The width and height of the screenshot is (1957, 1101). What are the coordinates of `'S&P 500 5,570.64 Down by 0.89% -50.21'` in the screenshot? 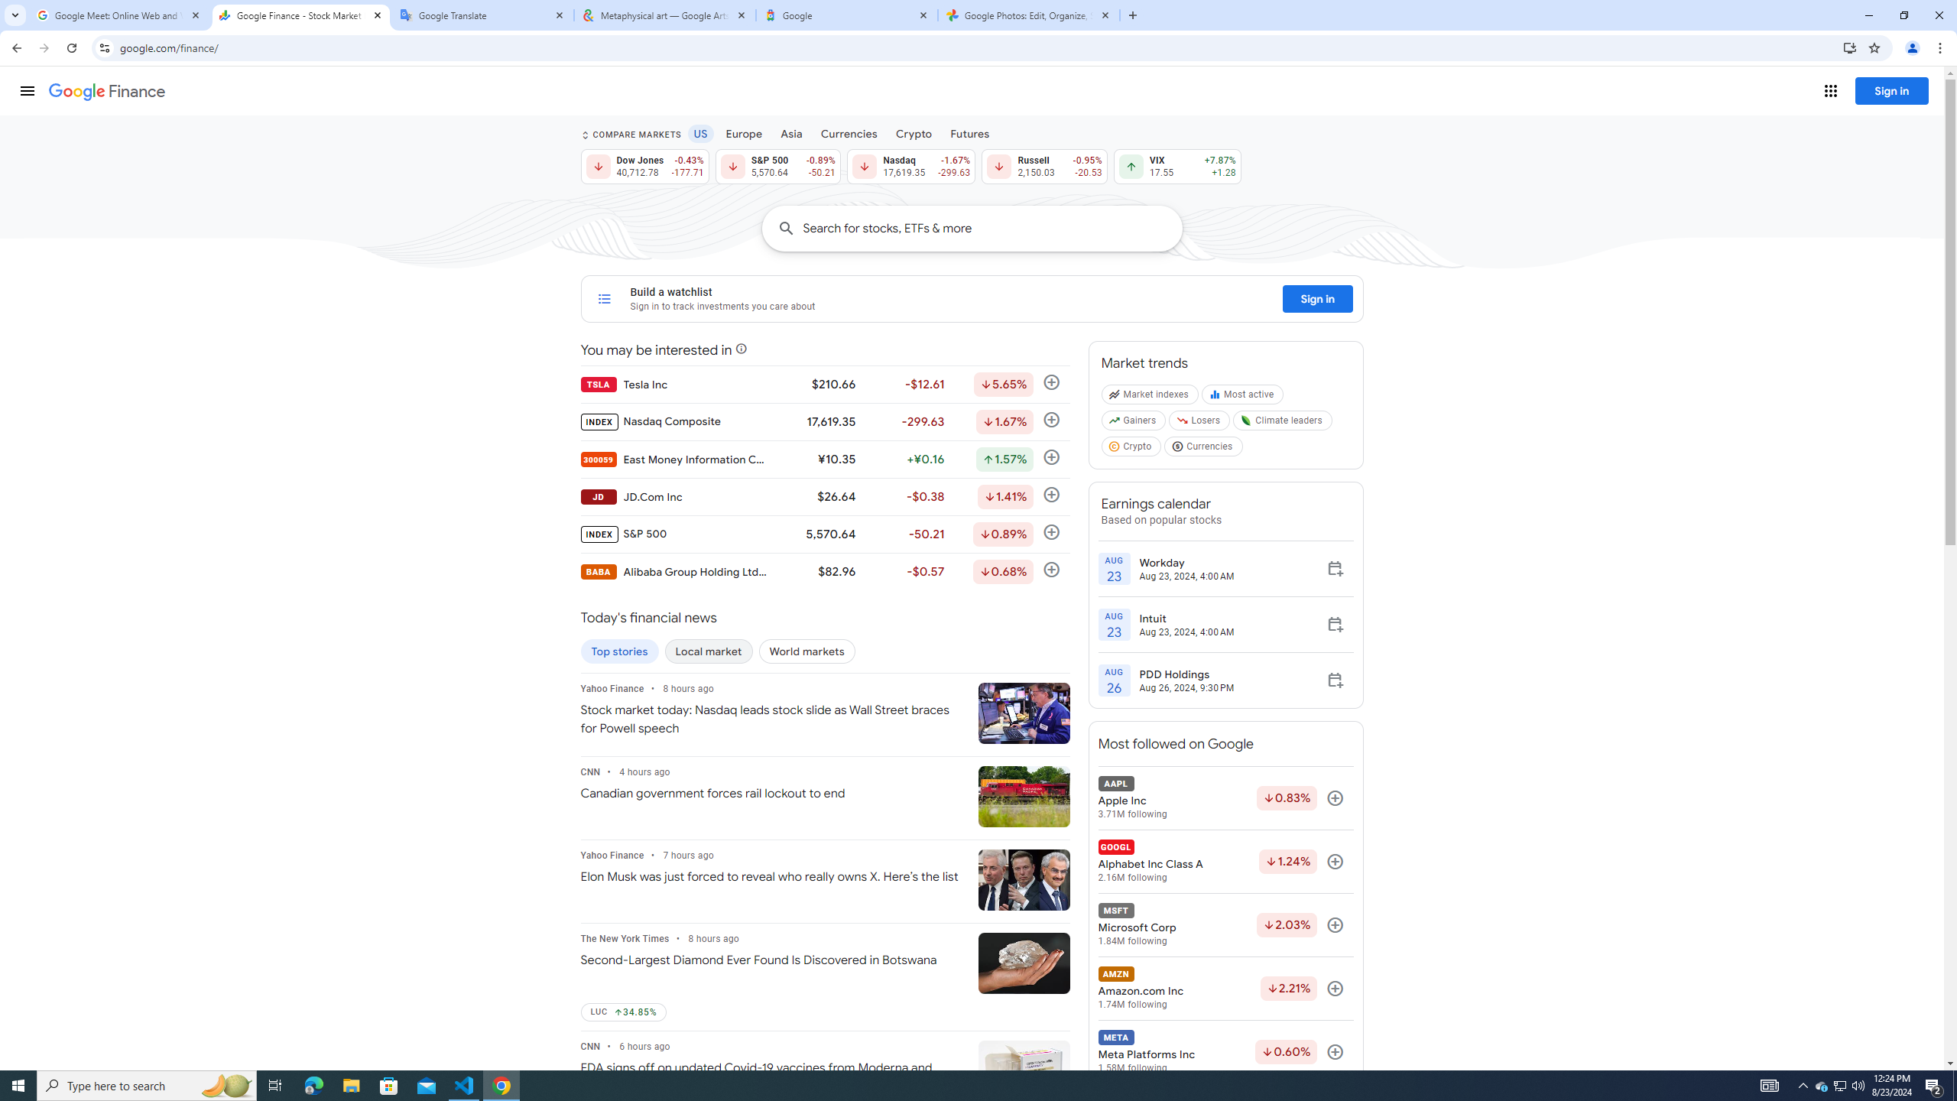 It's located at (777, 166).